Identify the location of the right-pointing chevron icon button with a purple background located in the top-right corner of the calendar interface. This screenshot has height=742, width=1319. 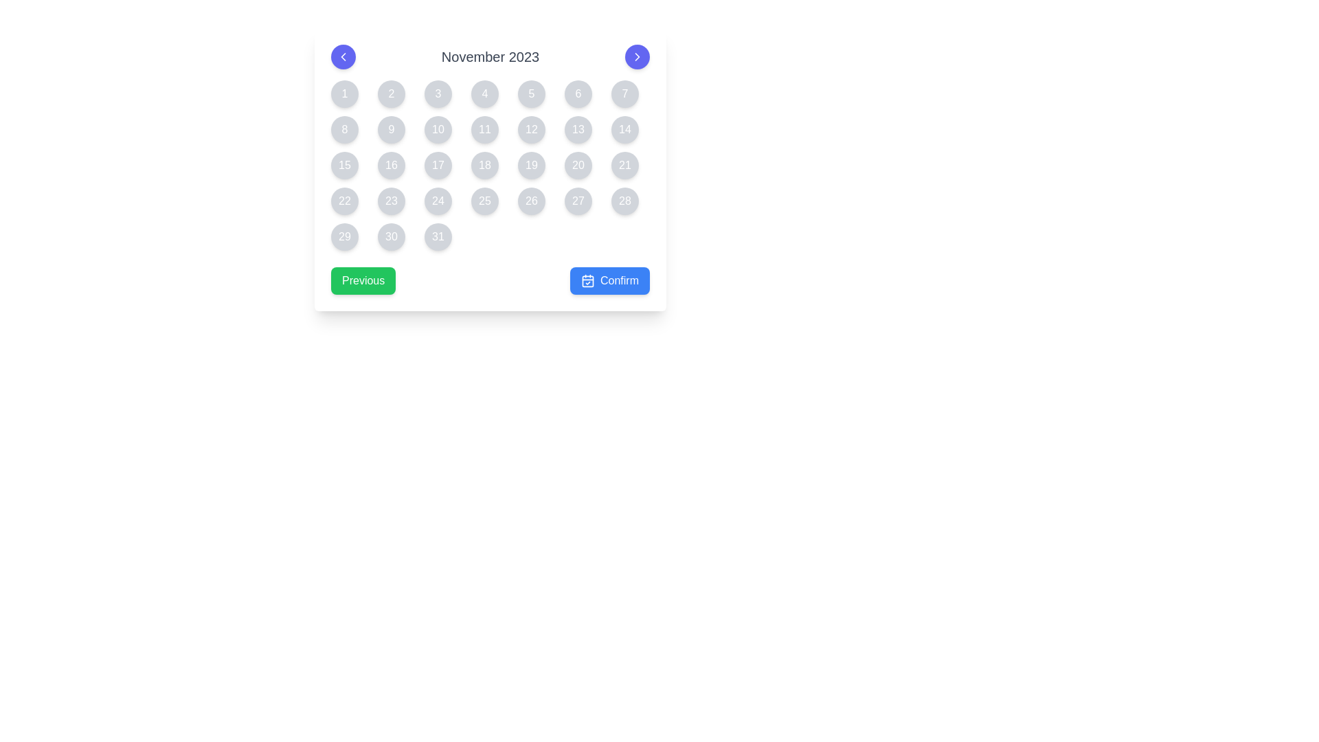
(636, 56).